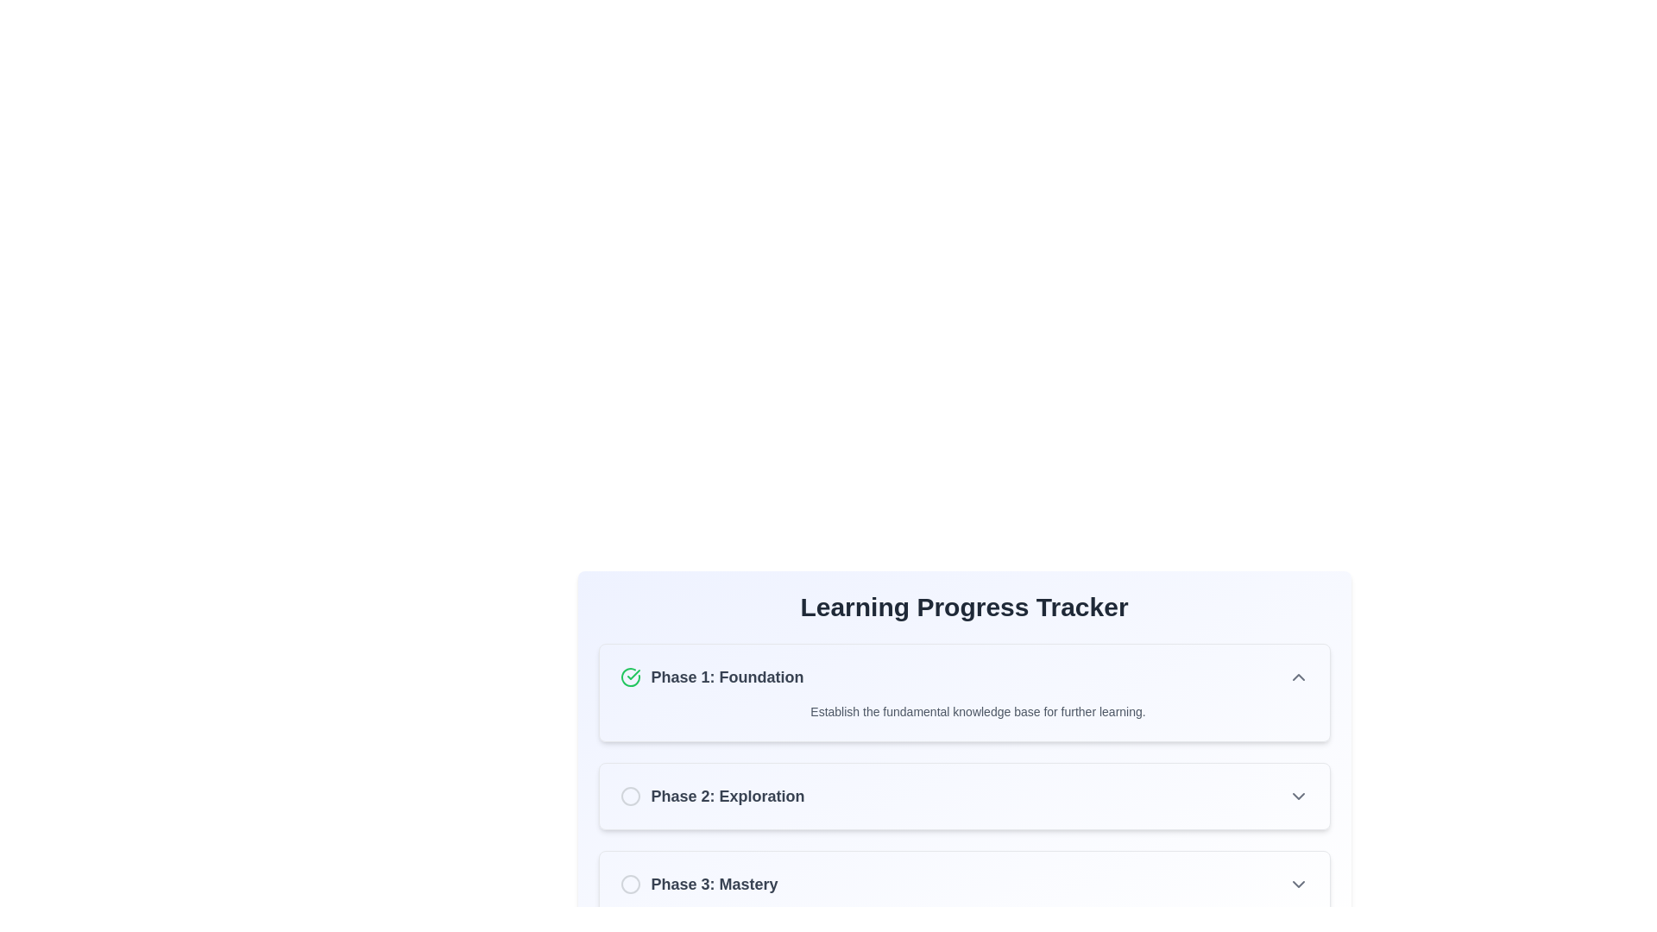  Describe the element at coordinates (1298, 677) in the screenshot. I see `the toggle icon located at the far right end of the title bar in the 'Phase 1: Foundation' section` at that location.